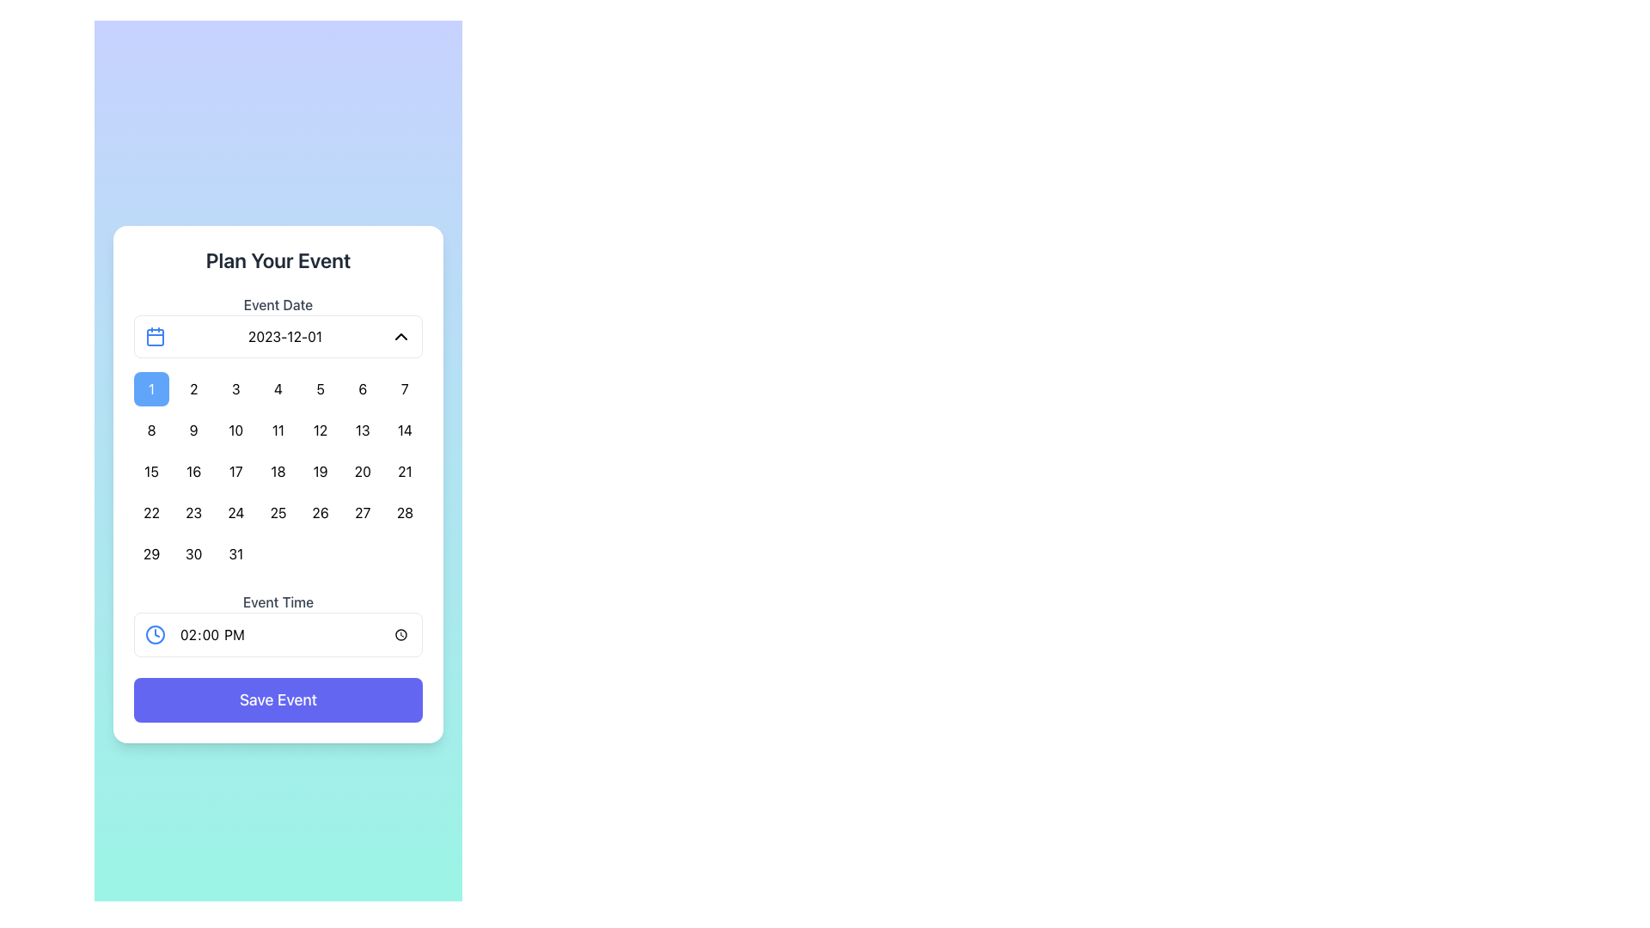  Describe the element at coordinates (278, 337) in the screenshot. I see `the Dropdown display element showing the date '2023-12-01' in the Event Date section` at that location.